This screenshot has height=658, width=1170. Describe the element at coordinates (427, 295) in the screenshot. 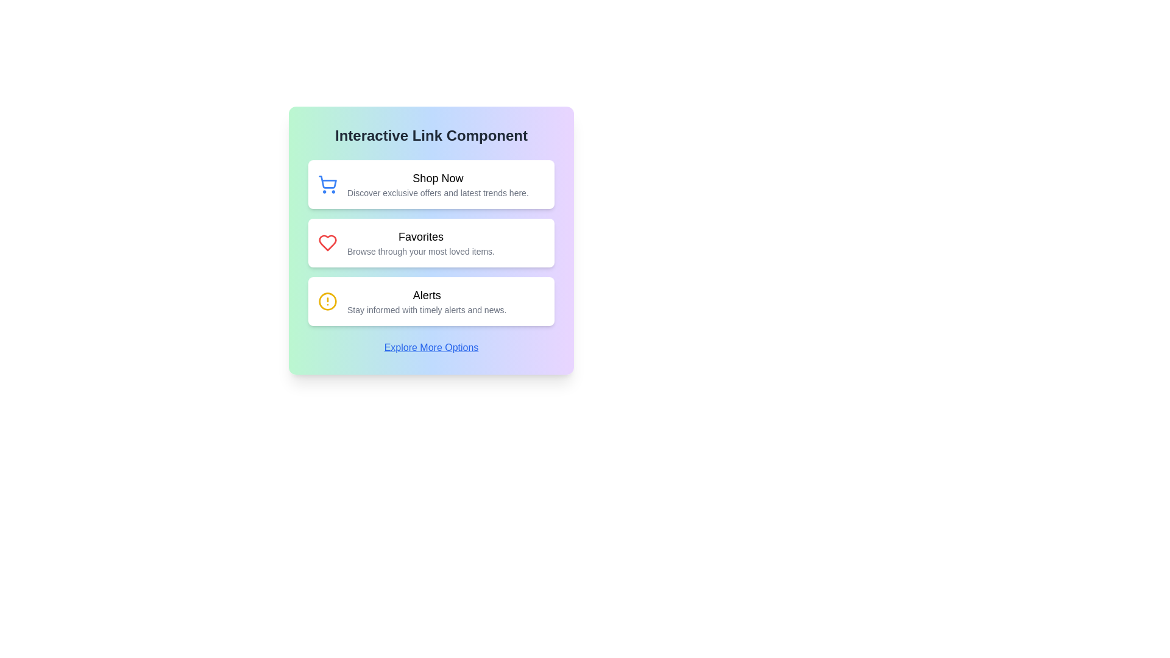

I see `the title text of the third card in a vertical stack of three cards under the heading 'Interactive Link Component'` at that location.